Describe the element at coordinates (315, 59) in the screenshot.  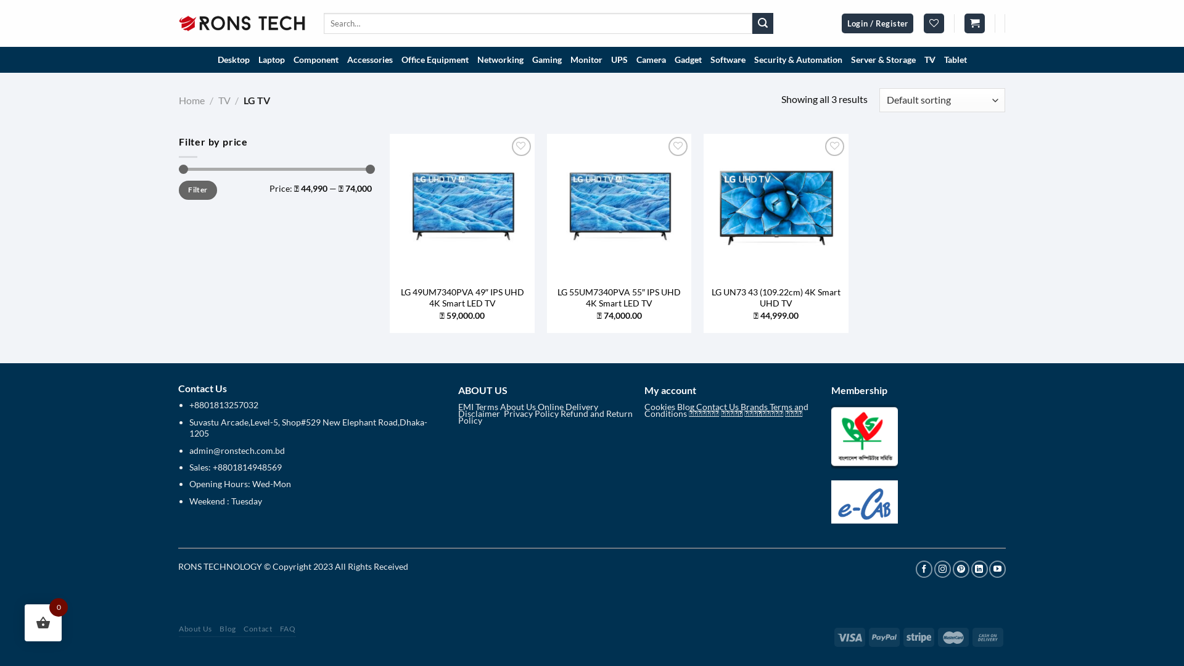
I see `'Component'` at that location.